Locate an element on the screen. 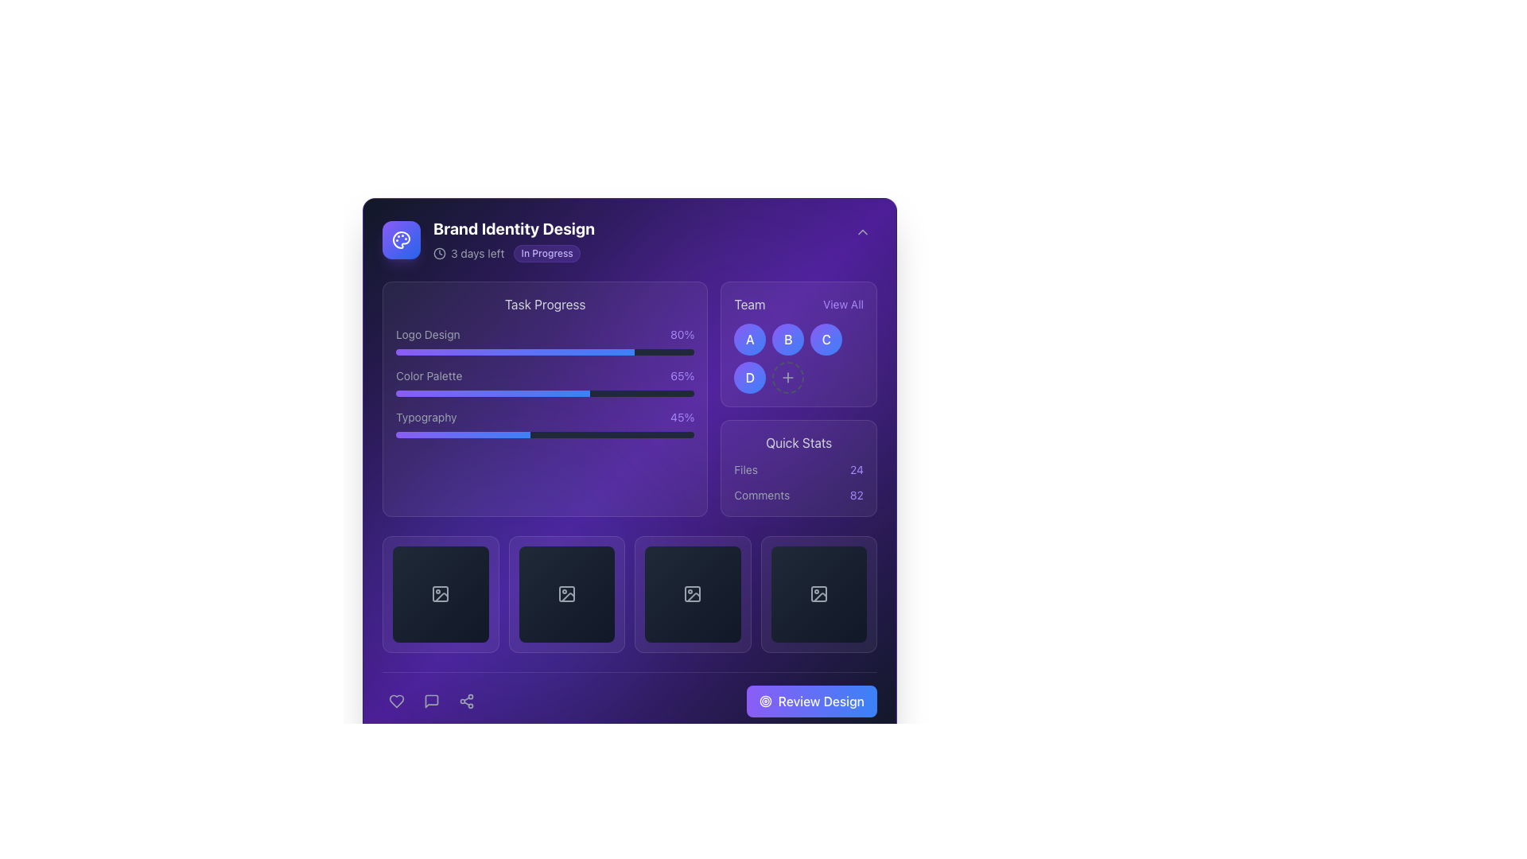  the Interactive button with a dashed border and plus sign for keyboard interaction, located in the bottom-right corner of the 'Team' section is located at coordinates (798, 359).